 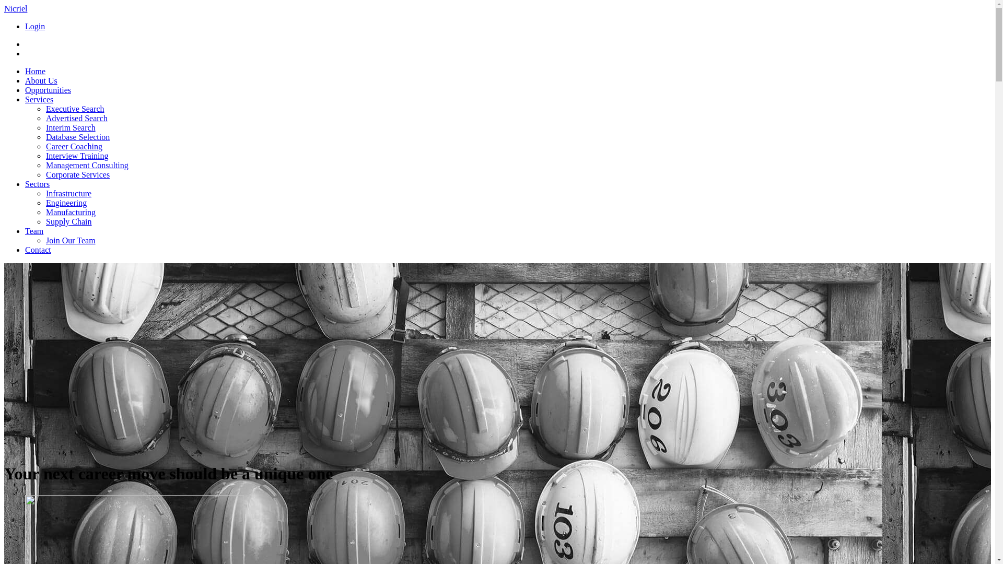 What do you see at coordinates (45, 146) in the screenshot?
I see `'Career Coaching'` at bounding box center [45, 146].